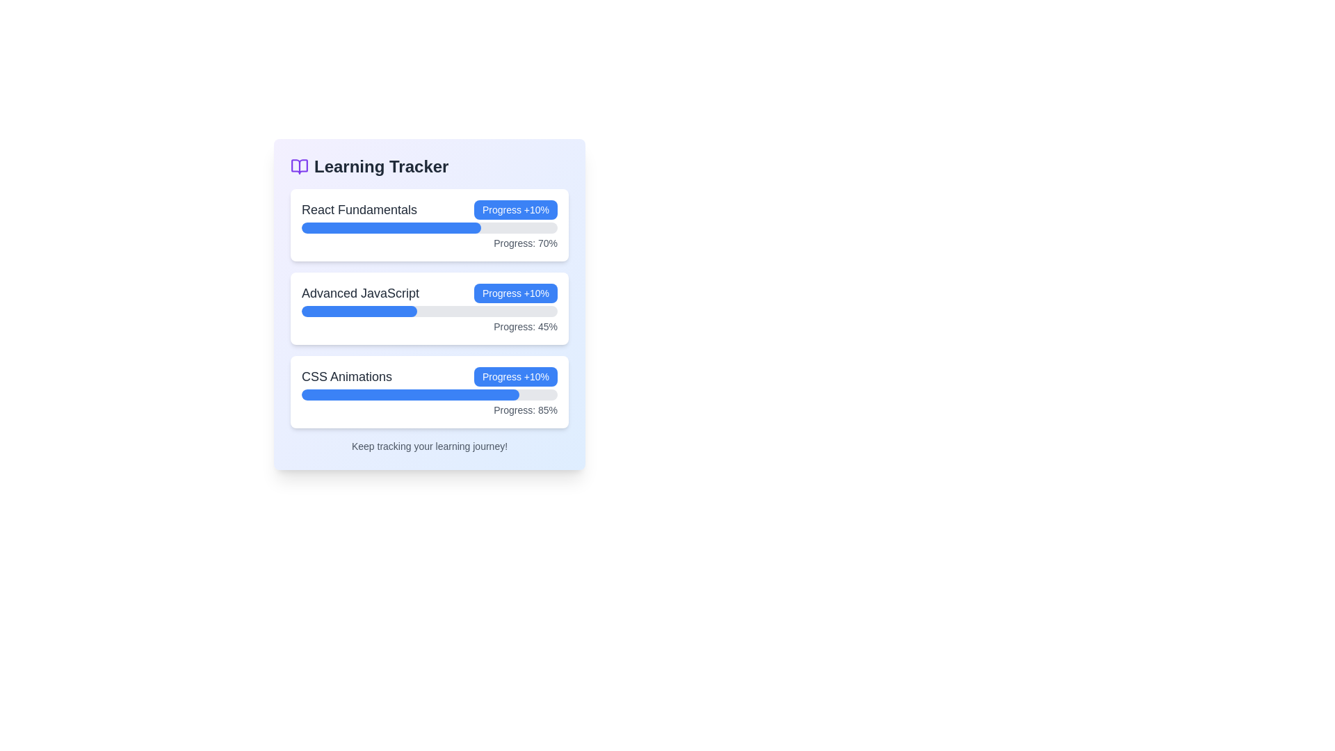  I want to click on the action button located to the right of 'Advanced JavaScript' in the 'Learning Tracker' interface, so click(515, 292).